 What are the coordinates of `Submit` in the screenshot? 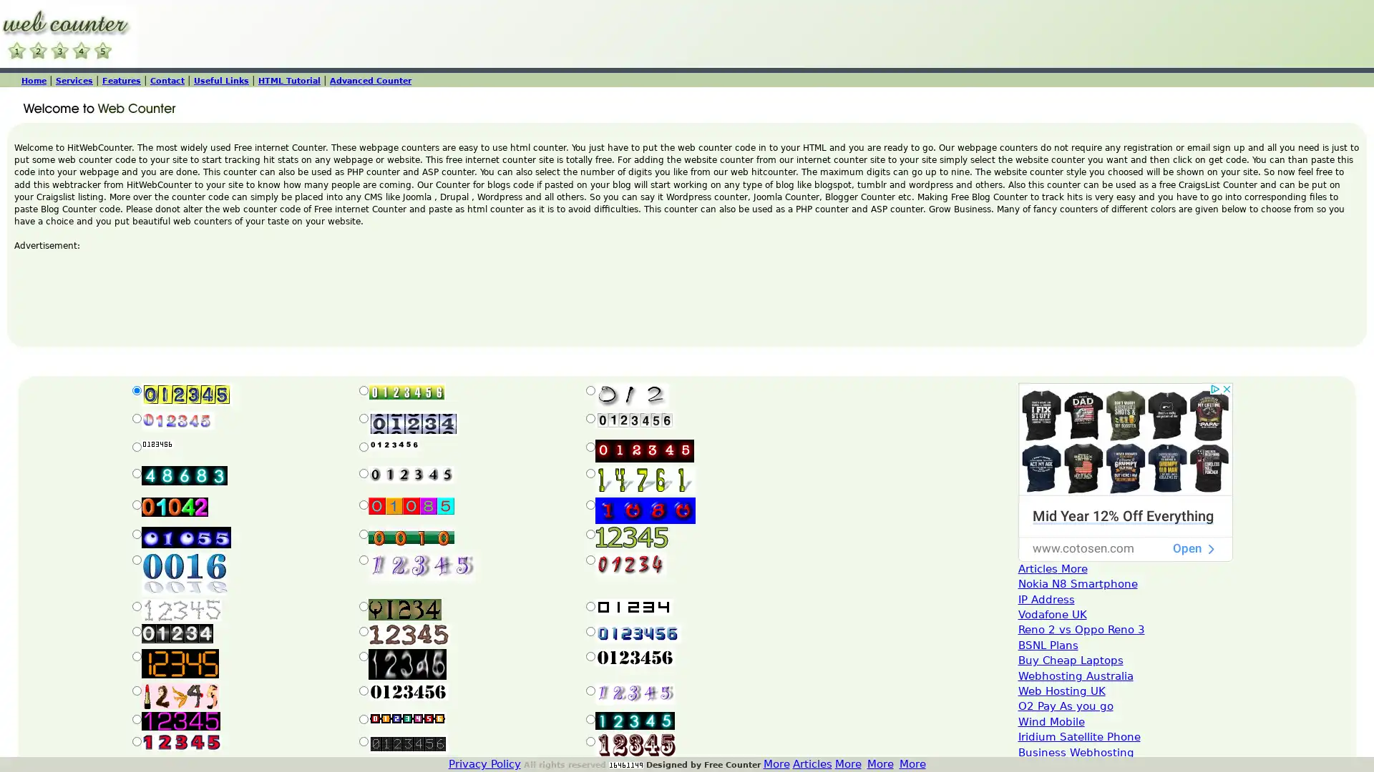 It's located at (407, 691).